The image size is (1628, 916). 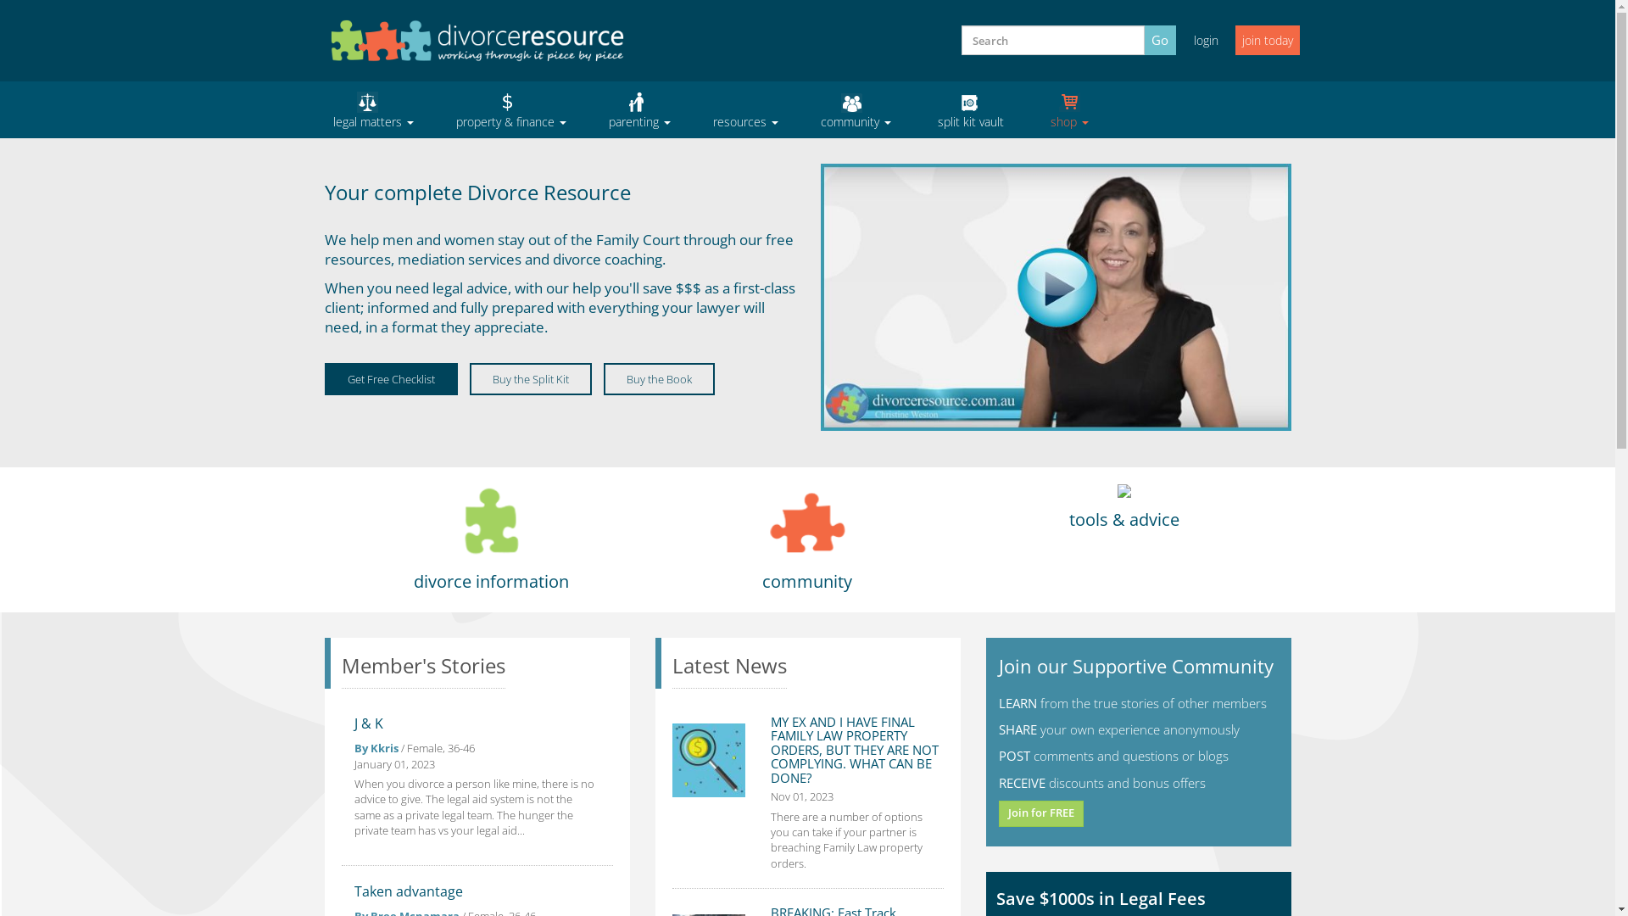 What do you see at coordinates (638, 109) in the screenshot?
I see `'parenting'` at bounding box center [638, 109].